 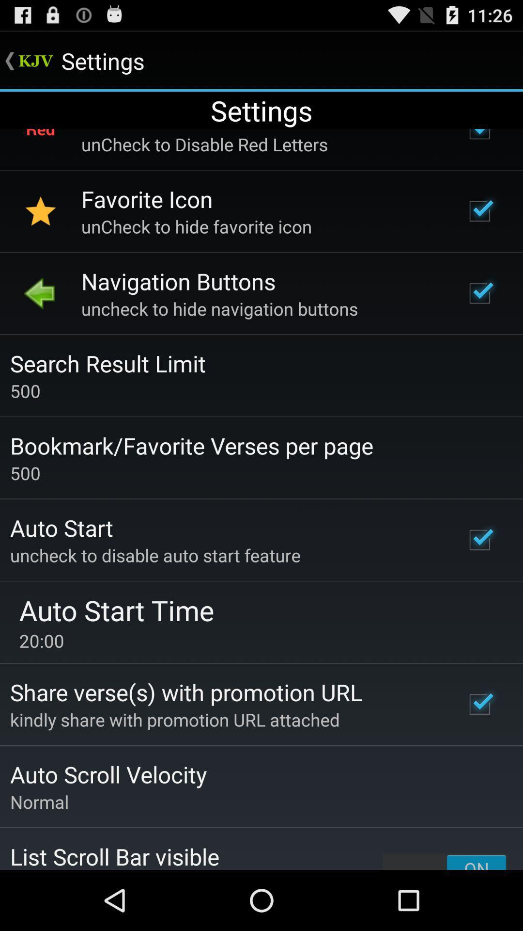 What do you see at coordinates (40, 292) in the screenshot?
I see `the left arrow icon left to navigation buttons` at bounding box center [40, 292].